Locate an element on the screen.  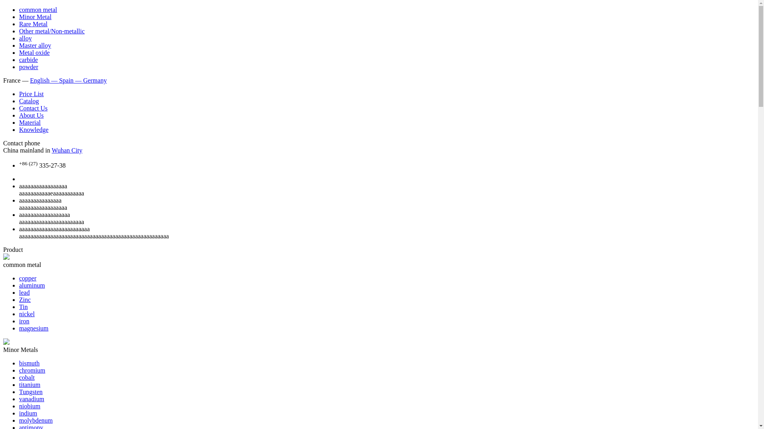
'cobalt' is located at coordinates (27, 377).